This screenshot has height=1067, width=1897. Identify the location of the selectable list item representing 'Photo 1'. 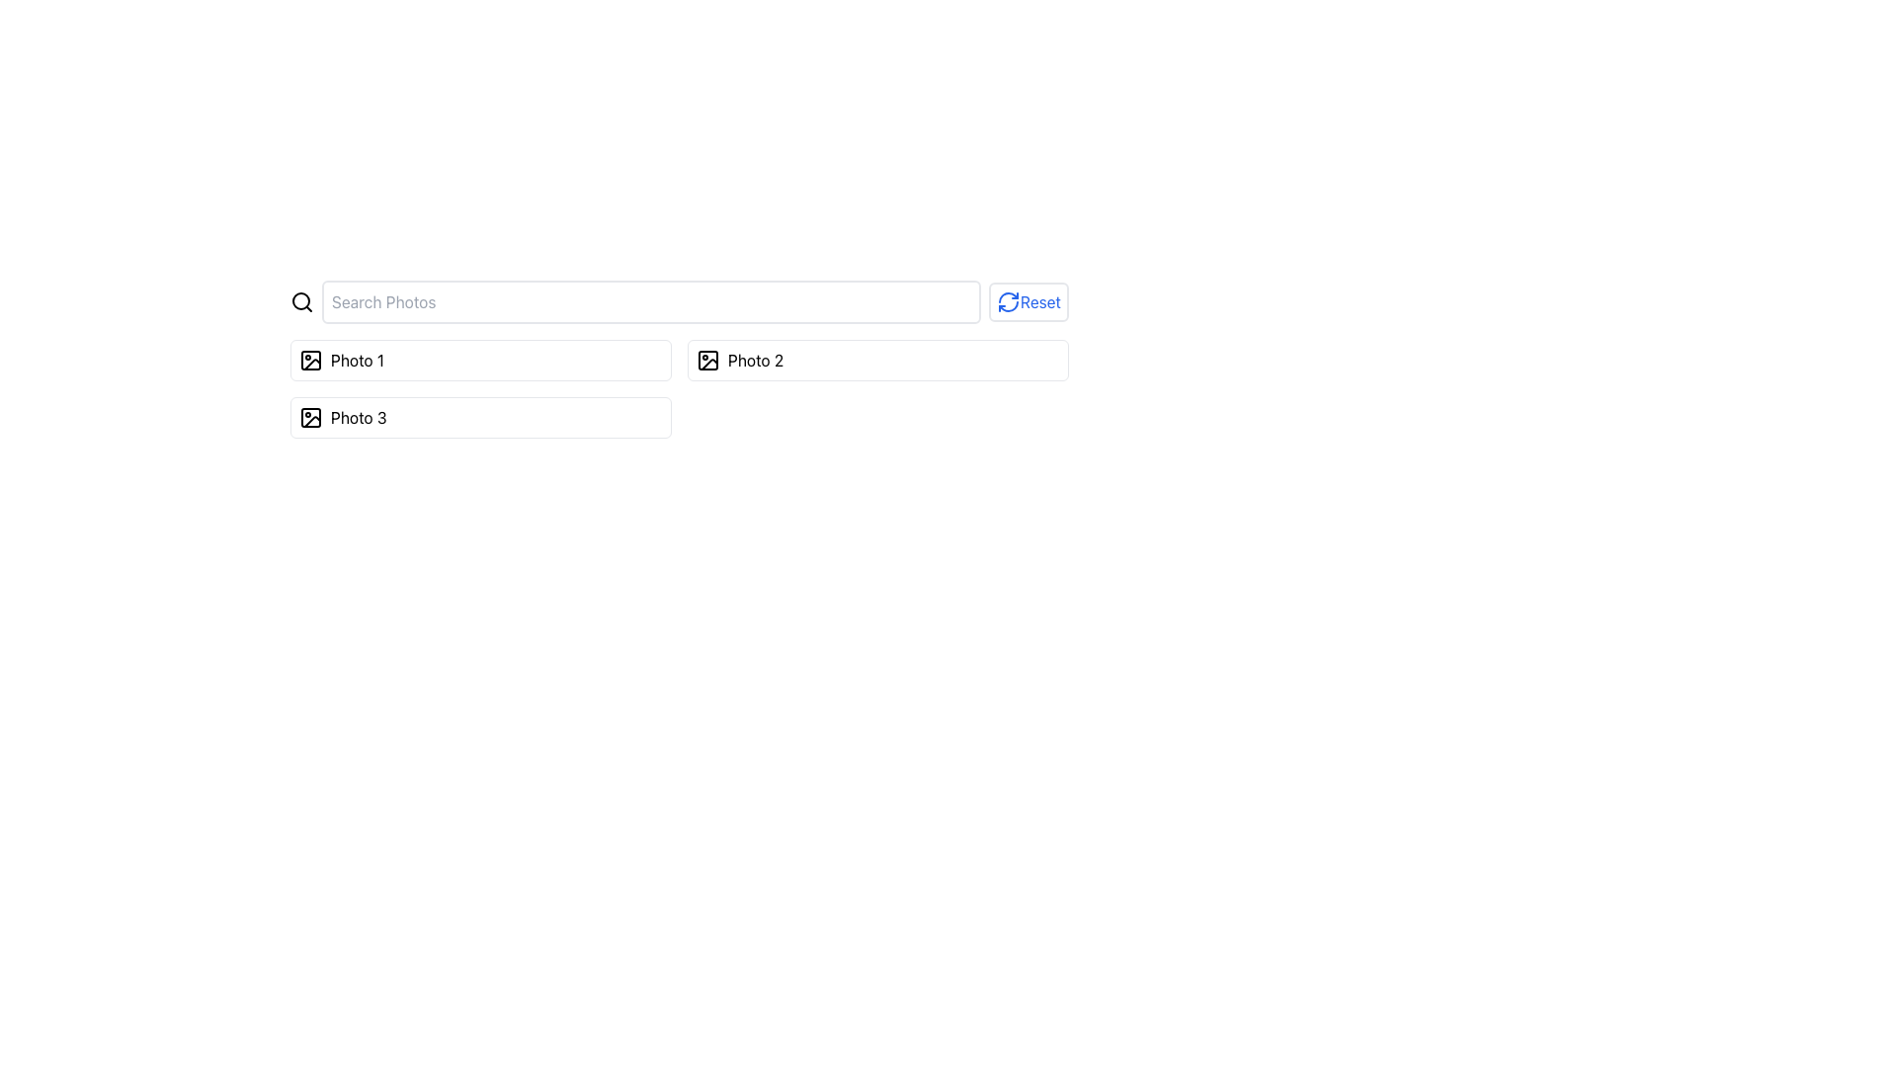
(480, 361).